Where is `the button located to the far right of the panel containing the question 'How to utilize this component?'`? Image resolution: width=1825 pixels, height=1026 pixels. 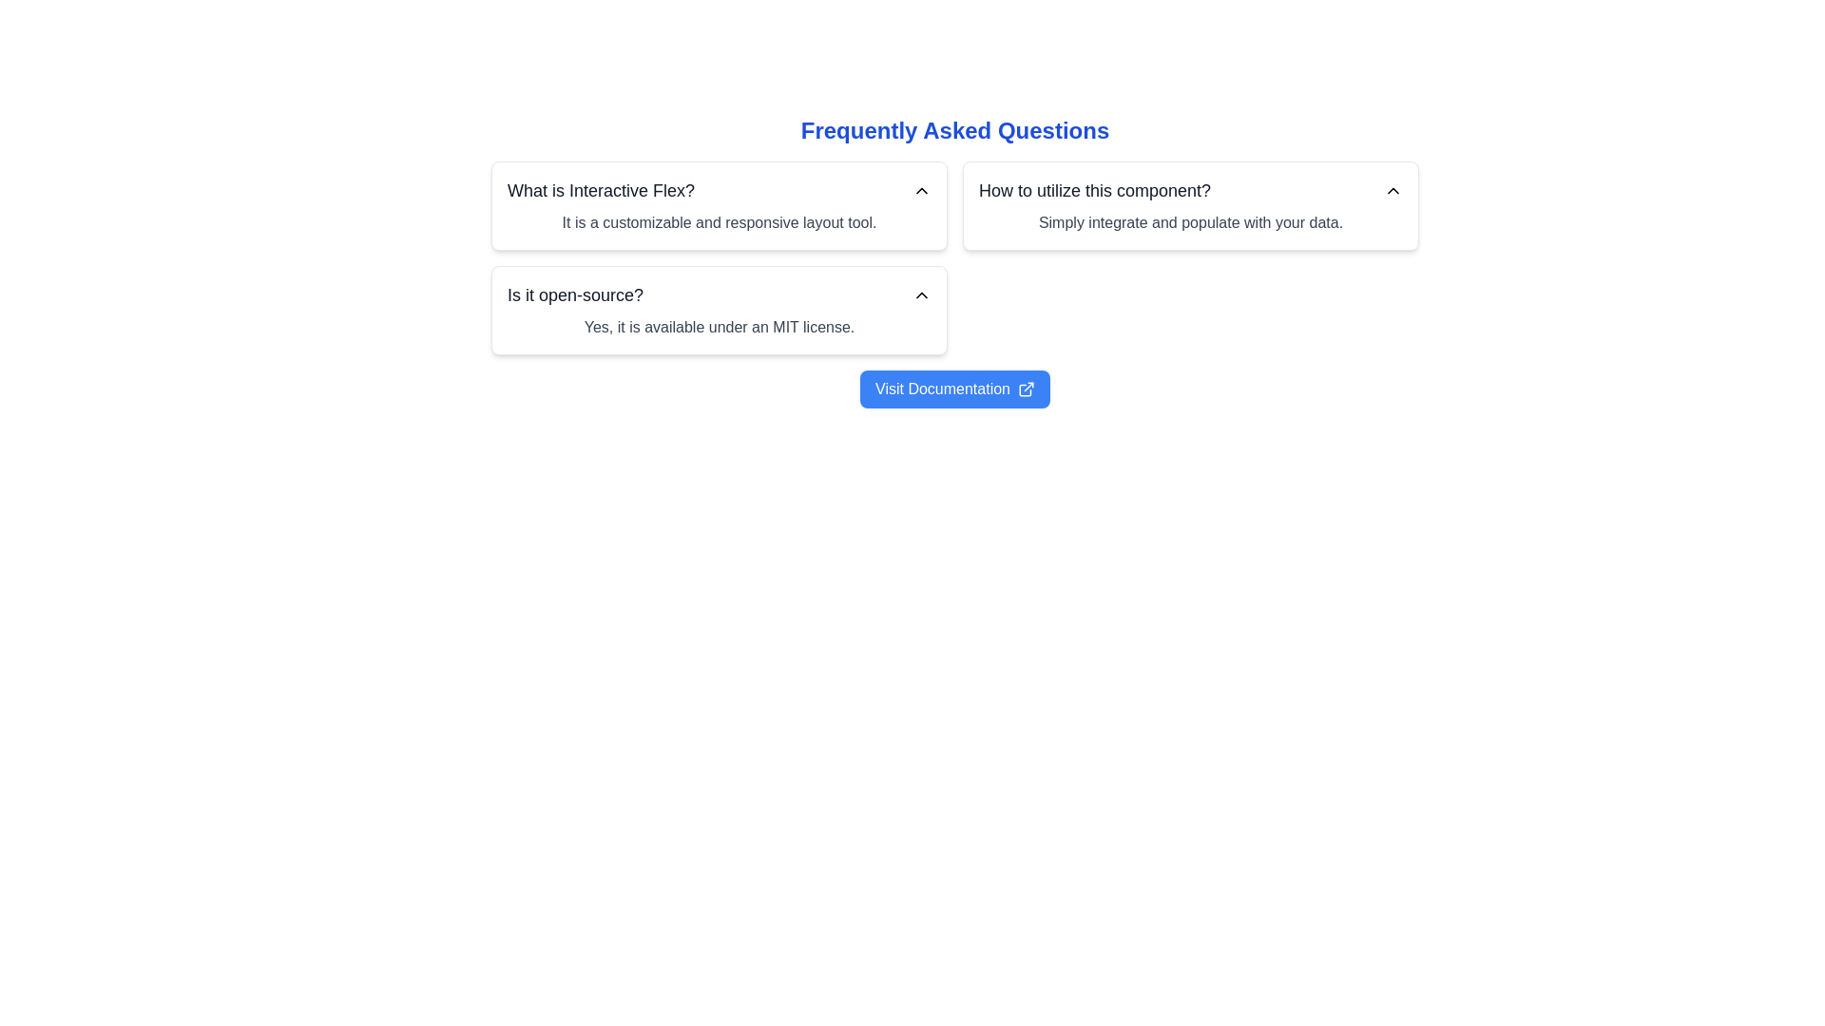 the button located to the far right of the panel containing the question 'How to utilize this component?' is located at coordinates (1393, 190).